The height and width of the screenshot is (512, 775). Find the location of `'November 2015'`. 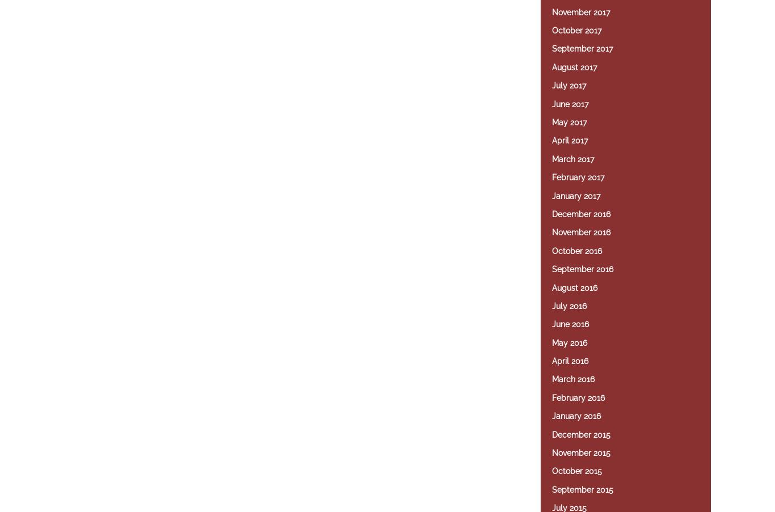

'November 2015' is located at coordinates (581, 452).